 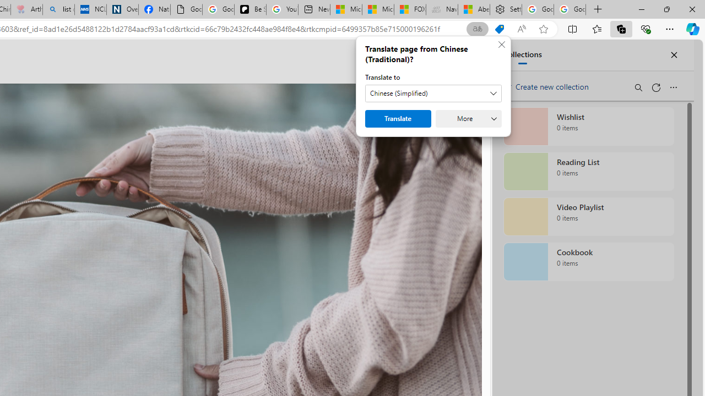 I want to click on 'More', so click(x=469, y=119).